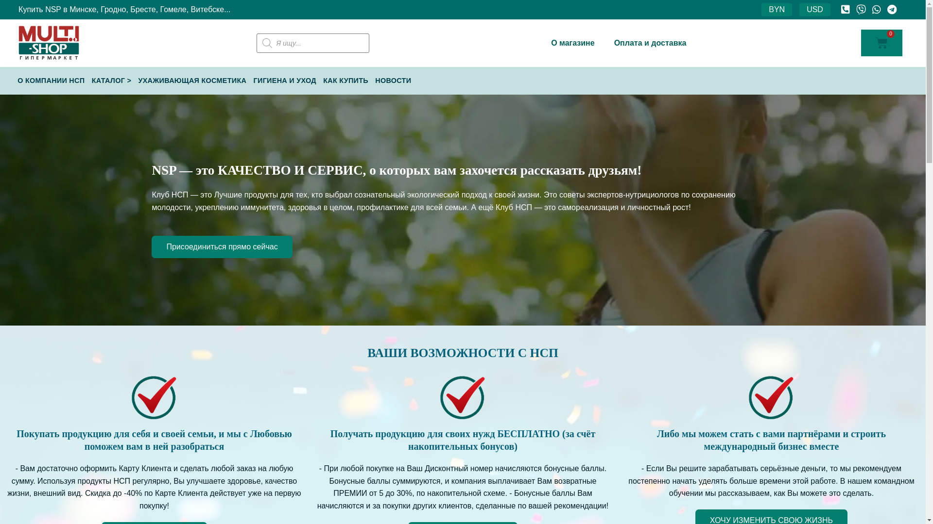 Image resolution: width=933 pixels, height=524 pixels. I want to click on 'BYN', so click(760, 9).